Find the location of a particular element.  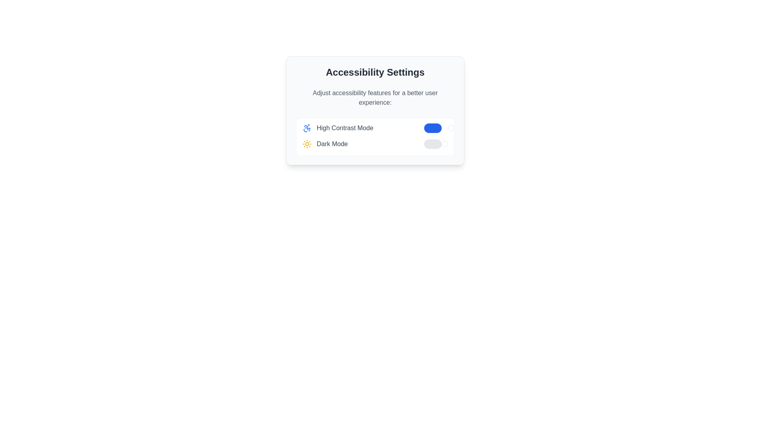

title 'Accessibility Settings', which is a bold, large-sized text displayed in dark gray color at the top of its section is located at coordinates (374, 72).